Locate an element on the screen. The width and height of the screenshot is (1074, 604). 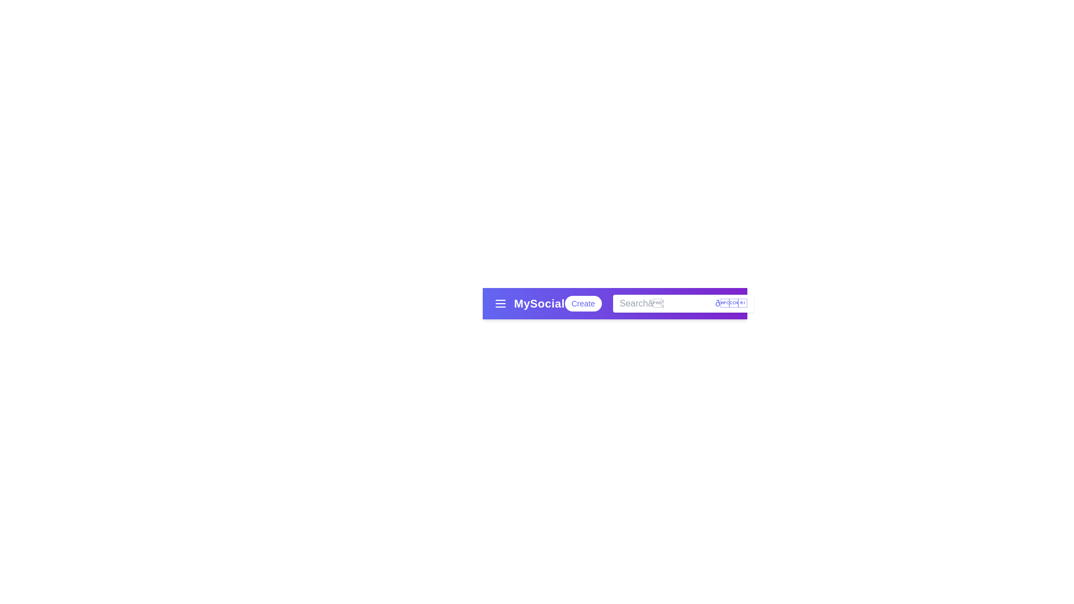
the search bar and type the query 'example query' is located at coordinates (682, 304).